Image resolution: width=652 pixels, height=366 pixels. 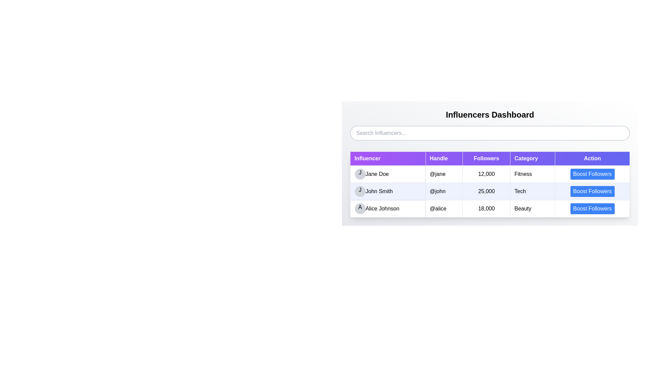 I want to click on the Profile icon or user avatar placeholder representing 'Jane Doe' in the 'Influencer' row, located to the immediate left of her name, so click(x=360, y=174).